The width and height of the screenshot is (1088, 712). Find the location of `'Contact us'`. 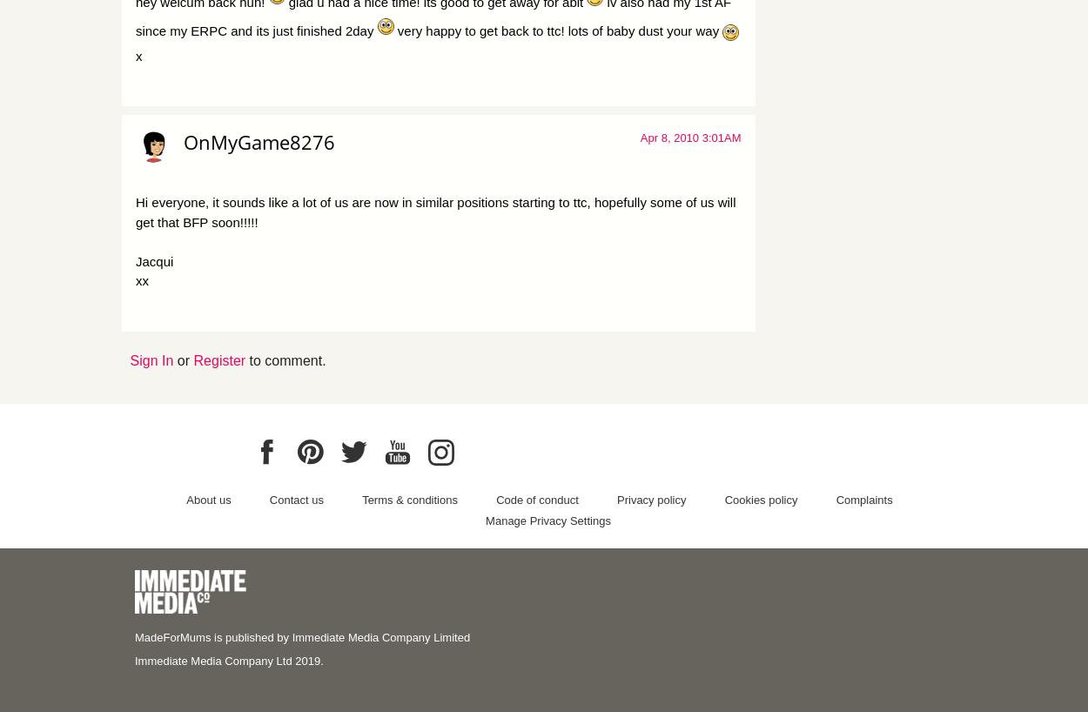

'Contact us' is located at coordinates (269, 498).